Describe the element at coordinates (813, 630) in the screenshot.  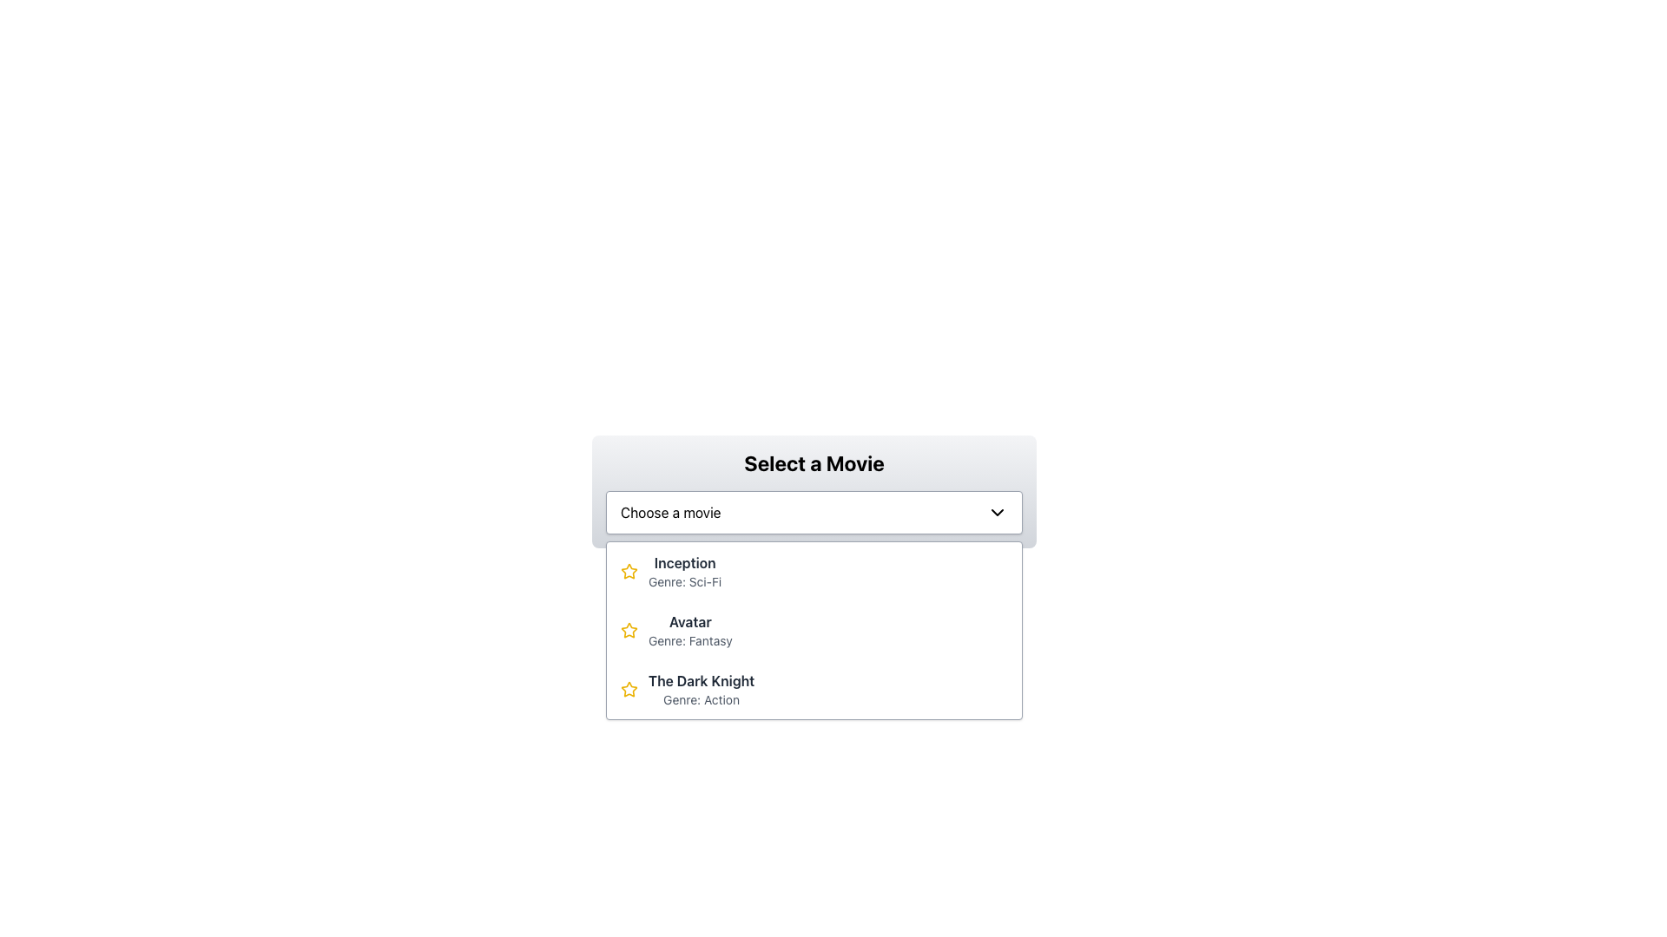
I see `the second item in the dropdown list representing the movie 'Avatar'` at that location.